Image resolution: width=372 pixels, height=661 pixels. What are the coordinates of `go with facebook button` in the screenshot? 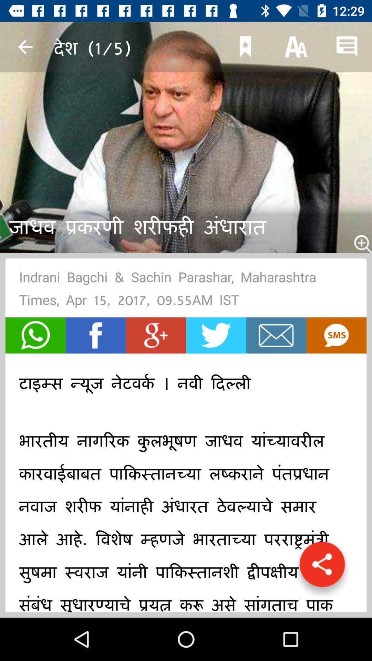 It's located at (95, 335).